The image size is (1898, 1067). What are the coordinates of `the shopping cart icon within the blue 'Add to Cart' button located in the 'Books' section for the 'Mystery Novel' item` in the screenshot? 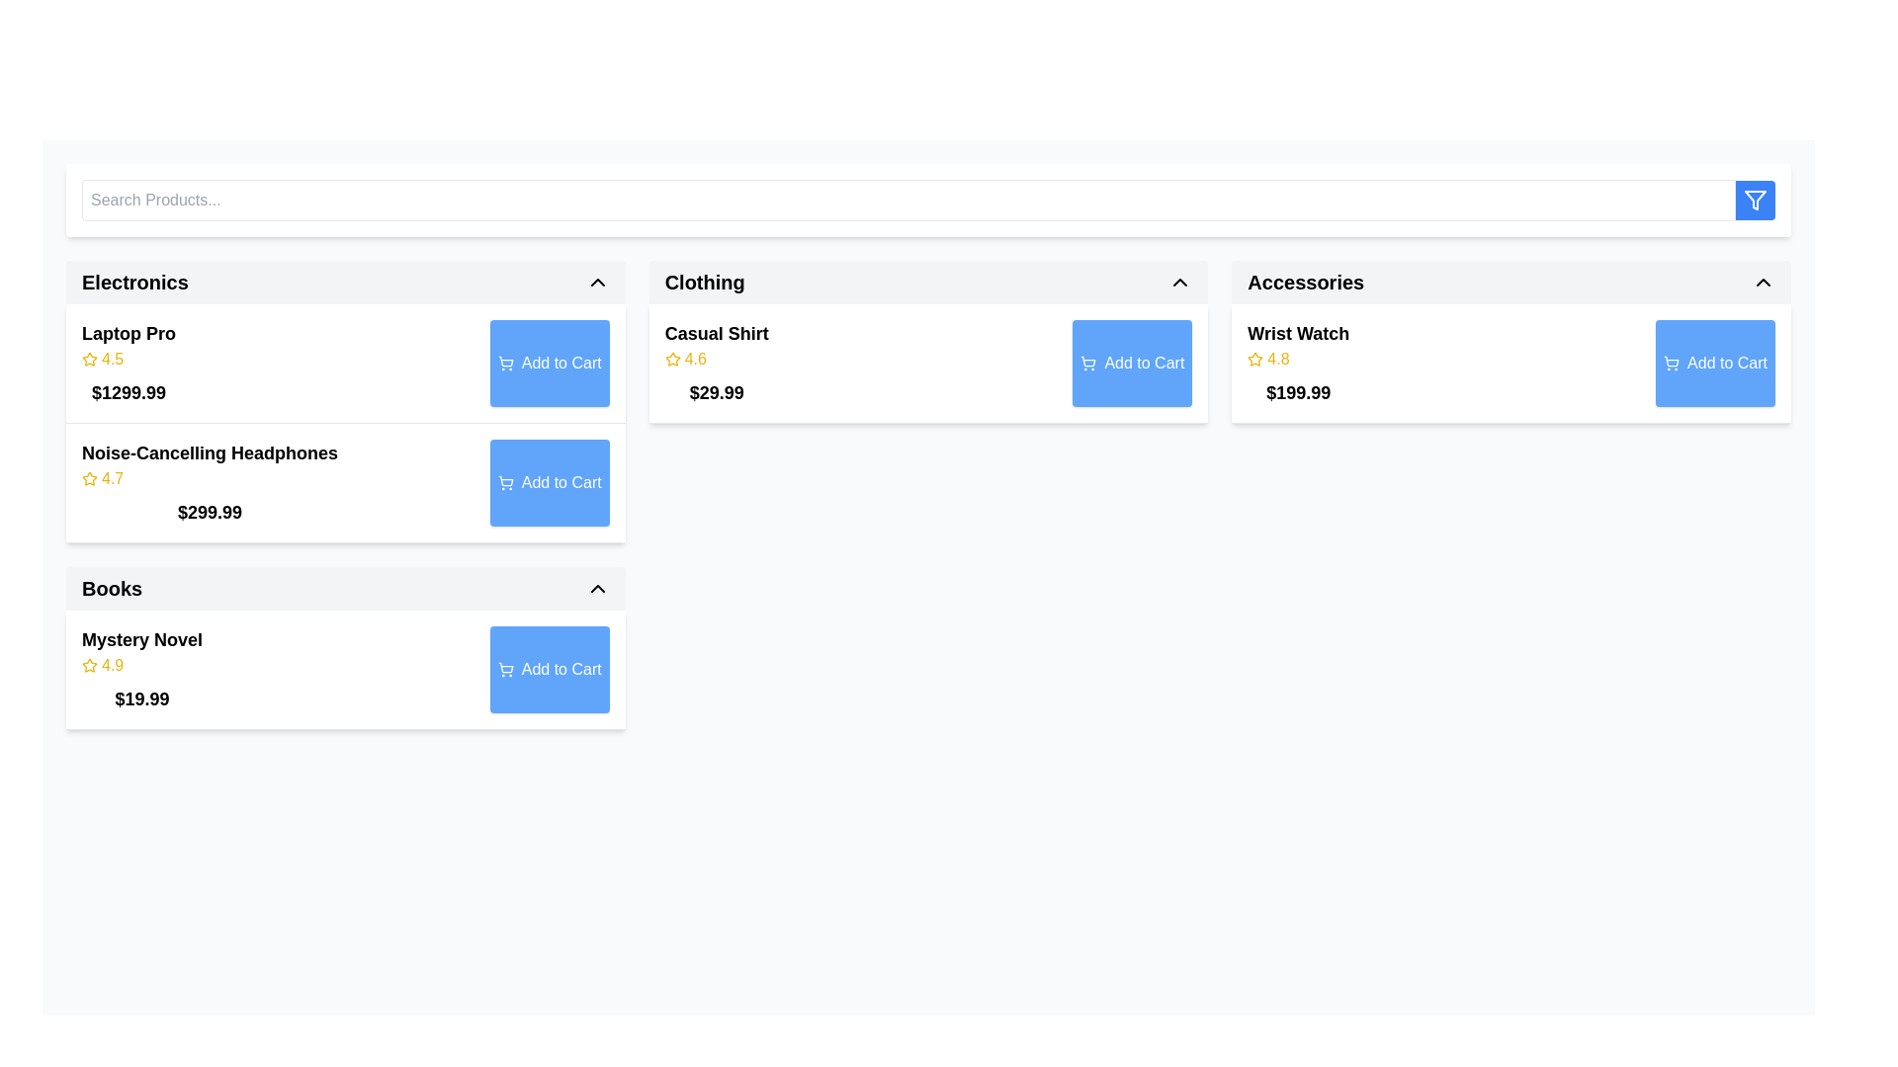 It's located at (505, 667).